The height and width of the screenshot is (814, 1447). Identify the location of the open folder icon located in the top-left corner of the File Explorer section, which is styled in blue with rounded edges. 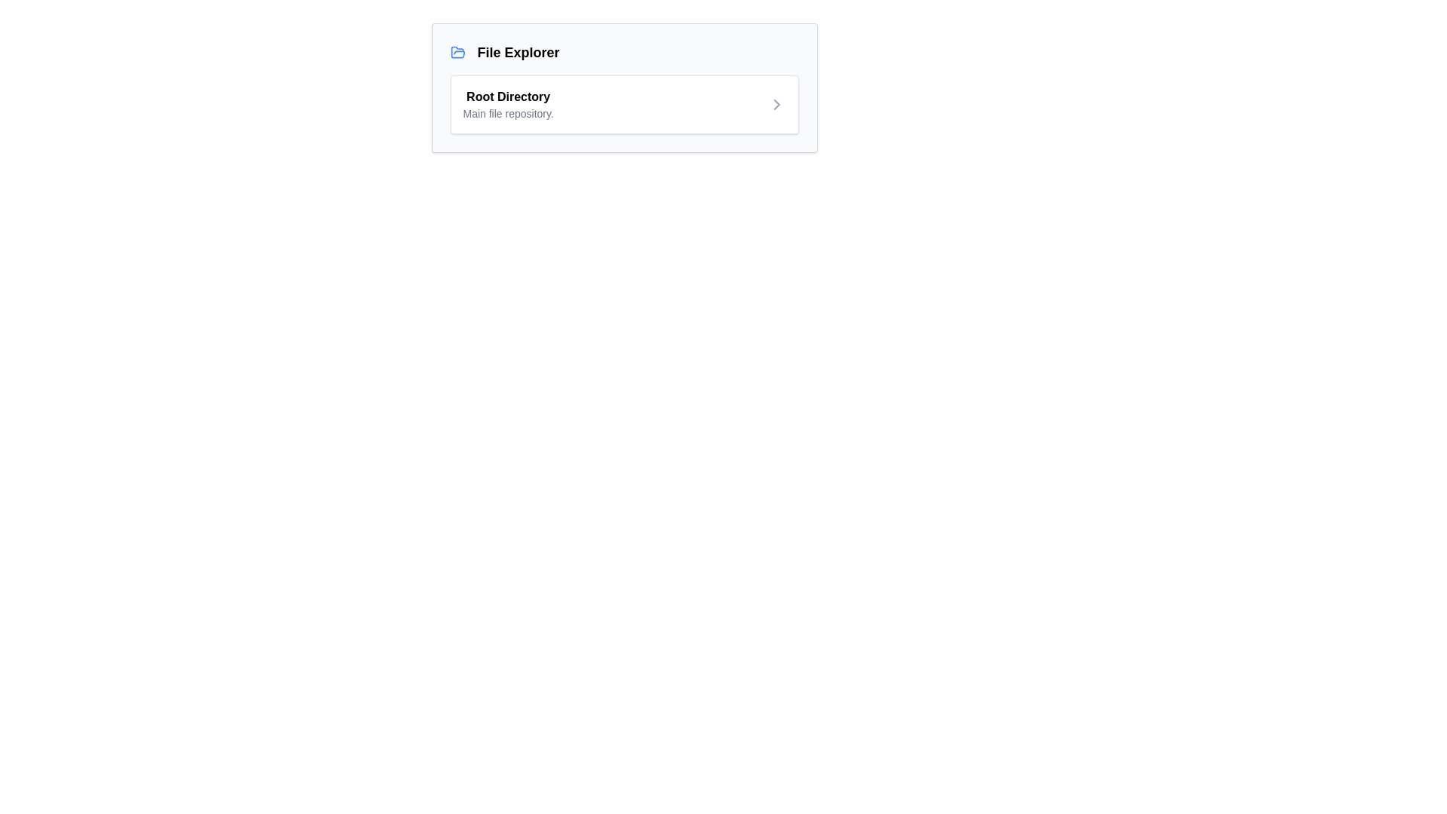
(457, 51).